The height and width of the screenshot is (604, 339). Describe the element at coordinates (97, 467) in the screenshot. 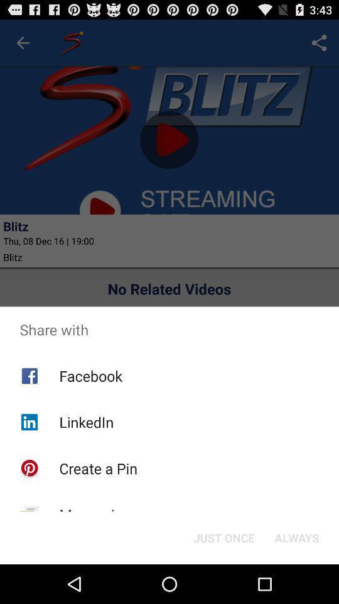

I see `item below the linkedin` at that location.